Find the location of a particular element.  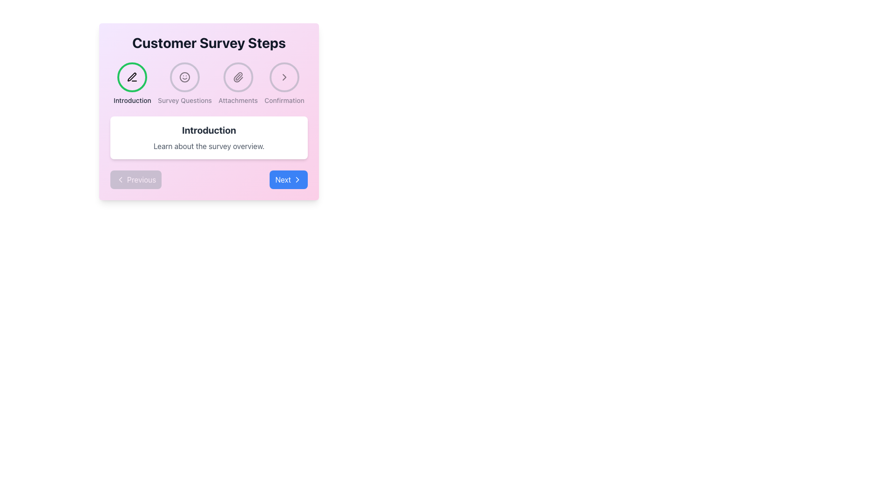

the 'Next' button located in the bottom-right corner of the interface to proceed to the next step of the process is located at coordinates (288, 179).